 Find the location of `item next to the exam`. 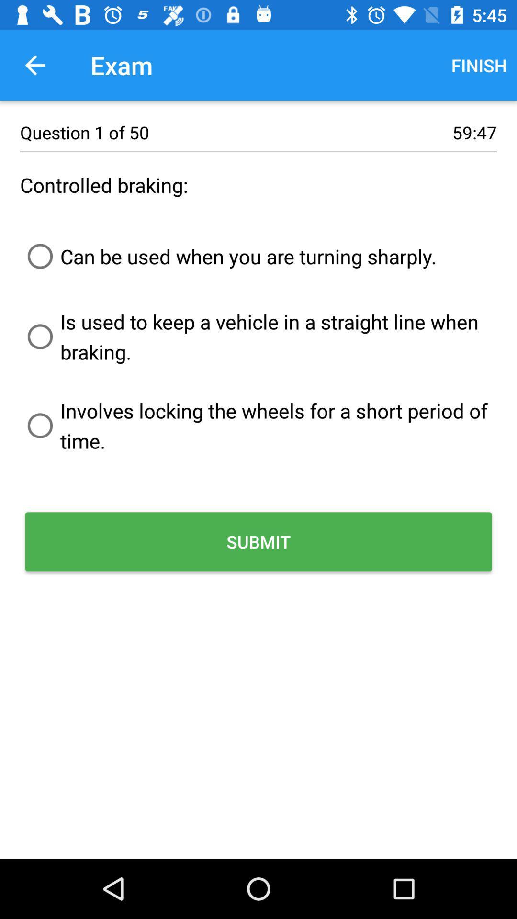

item next to the exam is located at coordinates (34, 65).